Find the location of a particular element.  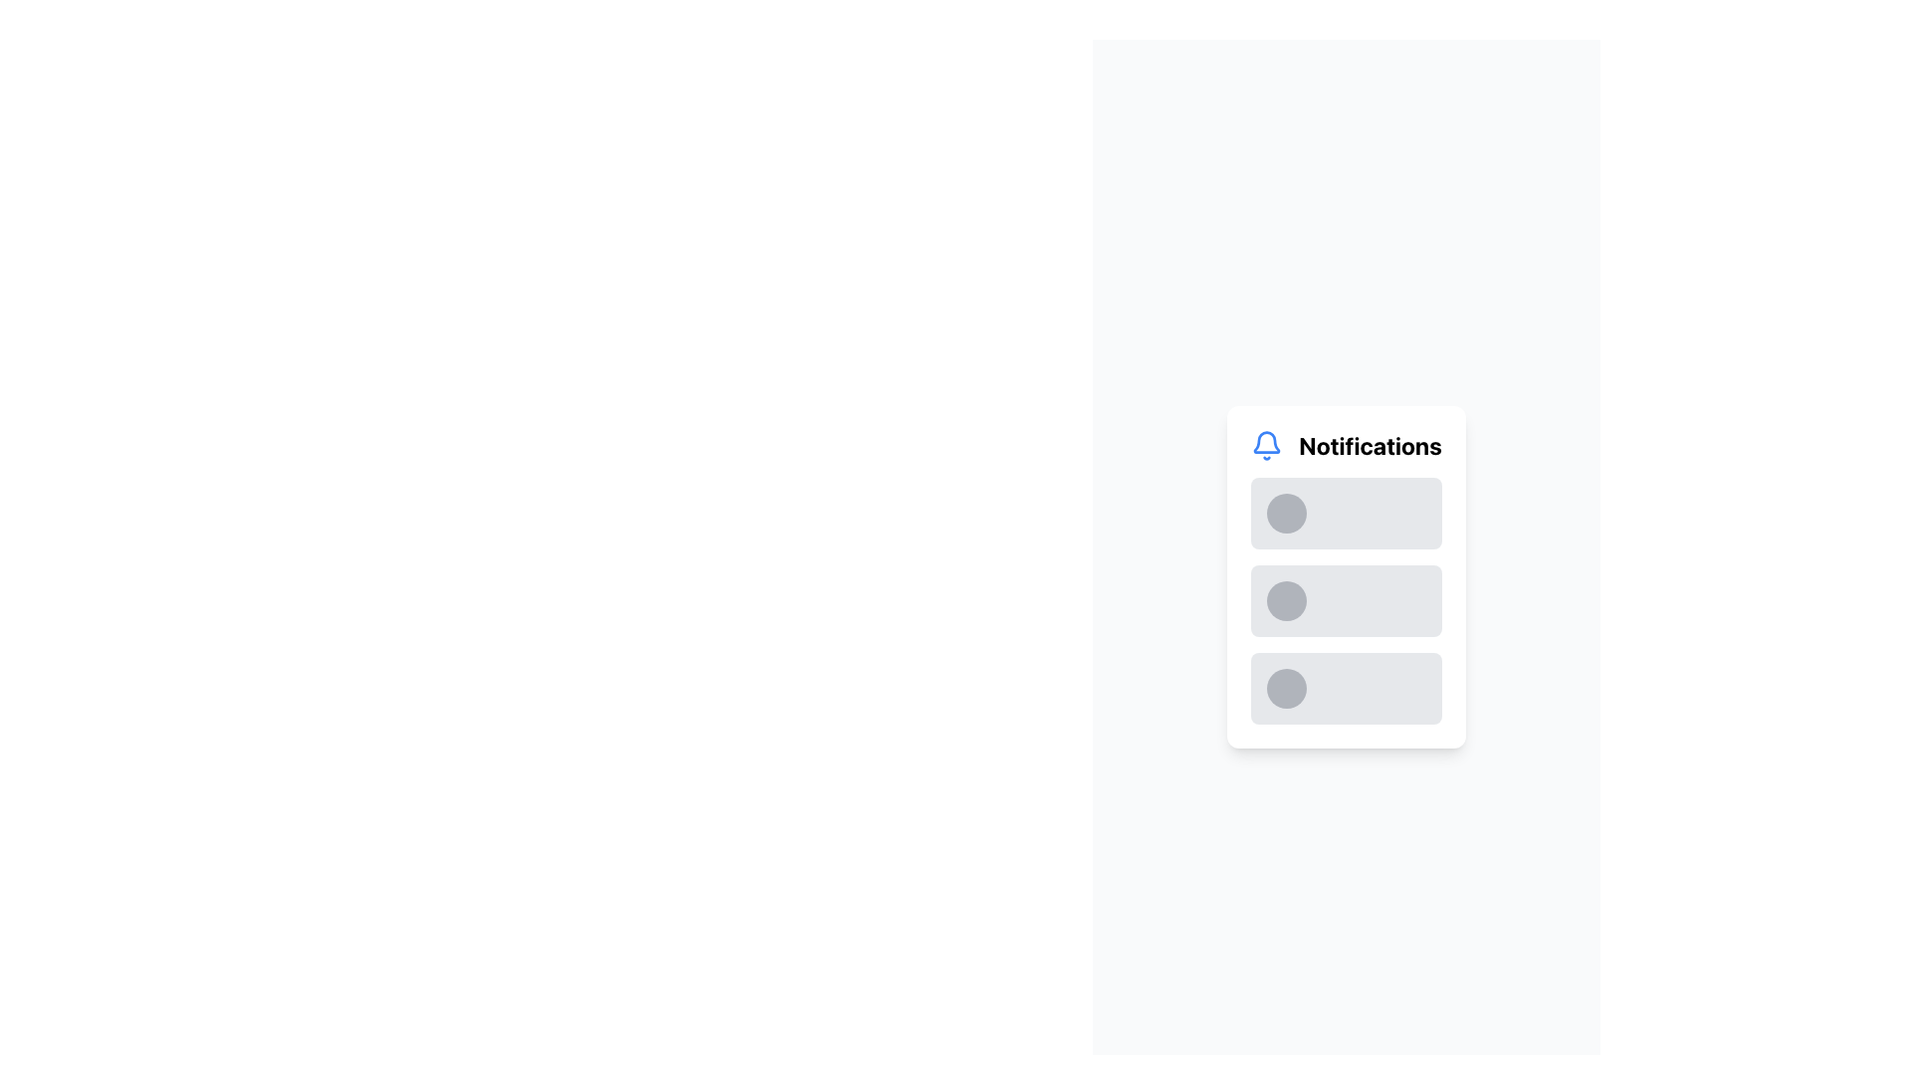

the circular placeholder decorative element, which is styled with a gray background and a rounded border, located at the top of a vertically aligned list within a notification card UI is located at coordinates (1287, 513).